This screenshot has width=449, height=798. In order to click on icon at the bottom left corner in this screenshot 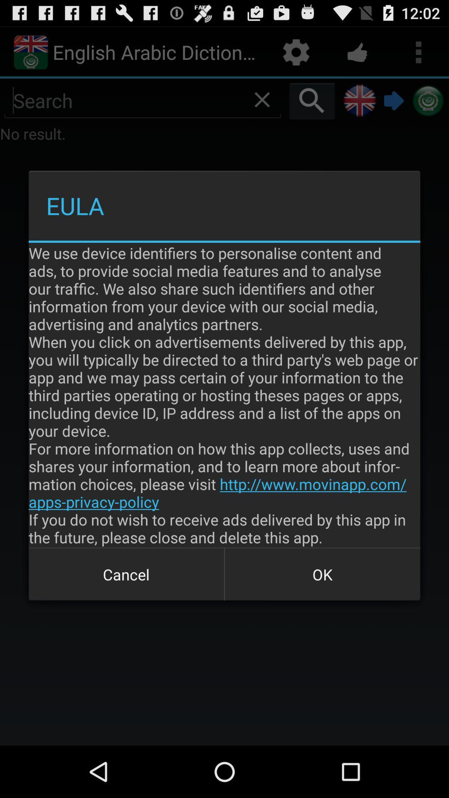, I will do `click(126, 574)`.